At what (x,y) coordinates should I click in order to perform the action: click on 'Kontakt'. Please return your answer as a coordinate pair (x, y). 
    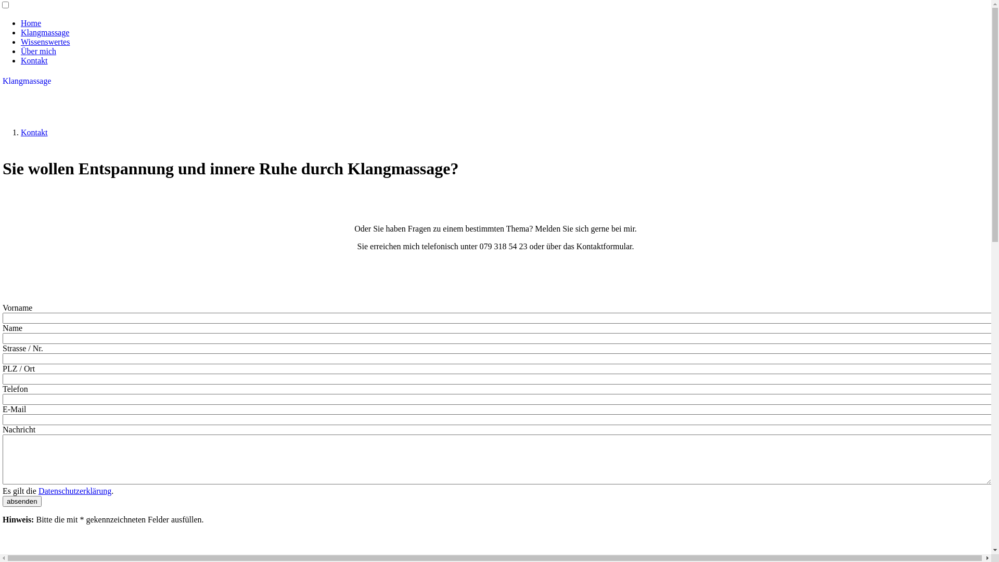
    Looking at the image, I should click on (34, 60).